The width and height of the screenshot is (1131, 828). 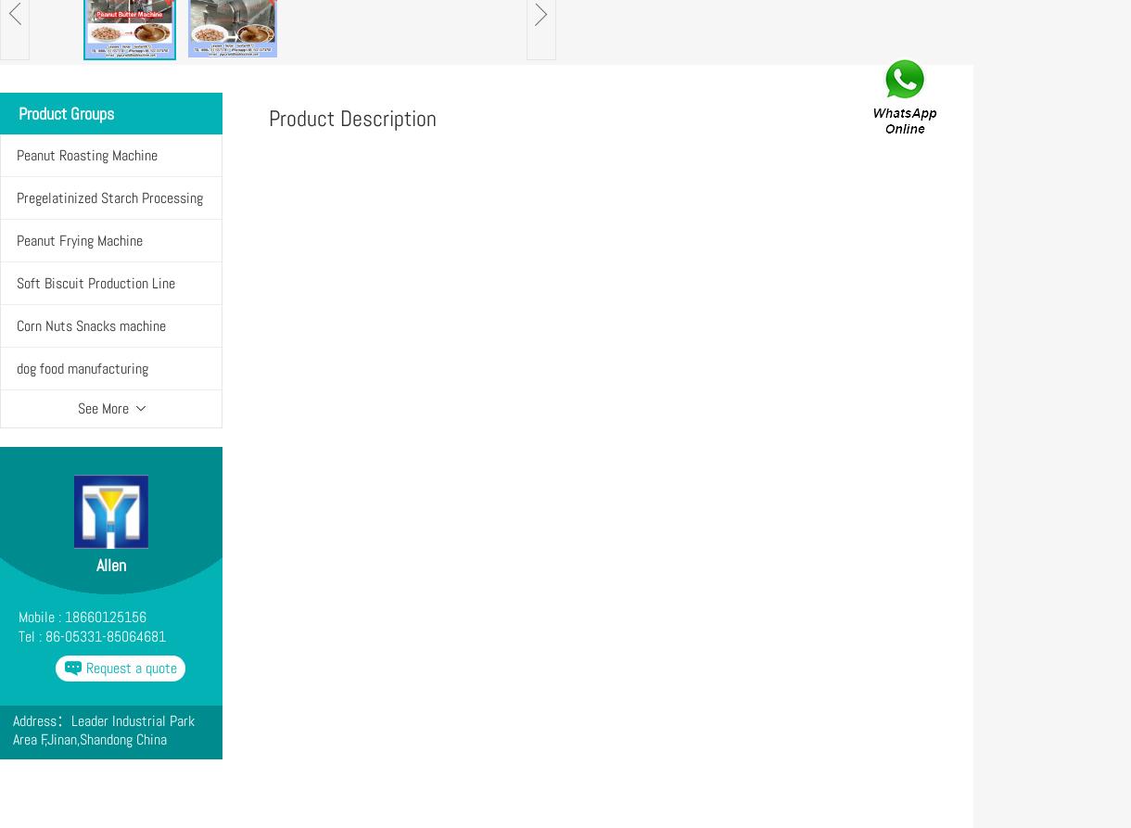 What do you see at coordinates (82, 389) in the screenshot?
I see `'dog food manufacturing equipment'` at bounding box center [82, 389].